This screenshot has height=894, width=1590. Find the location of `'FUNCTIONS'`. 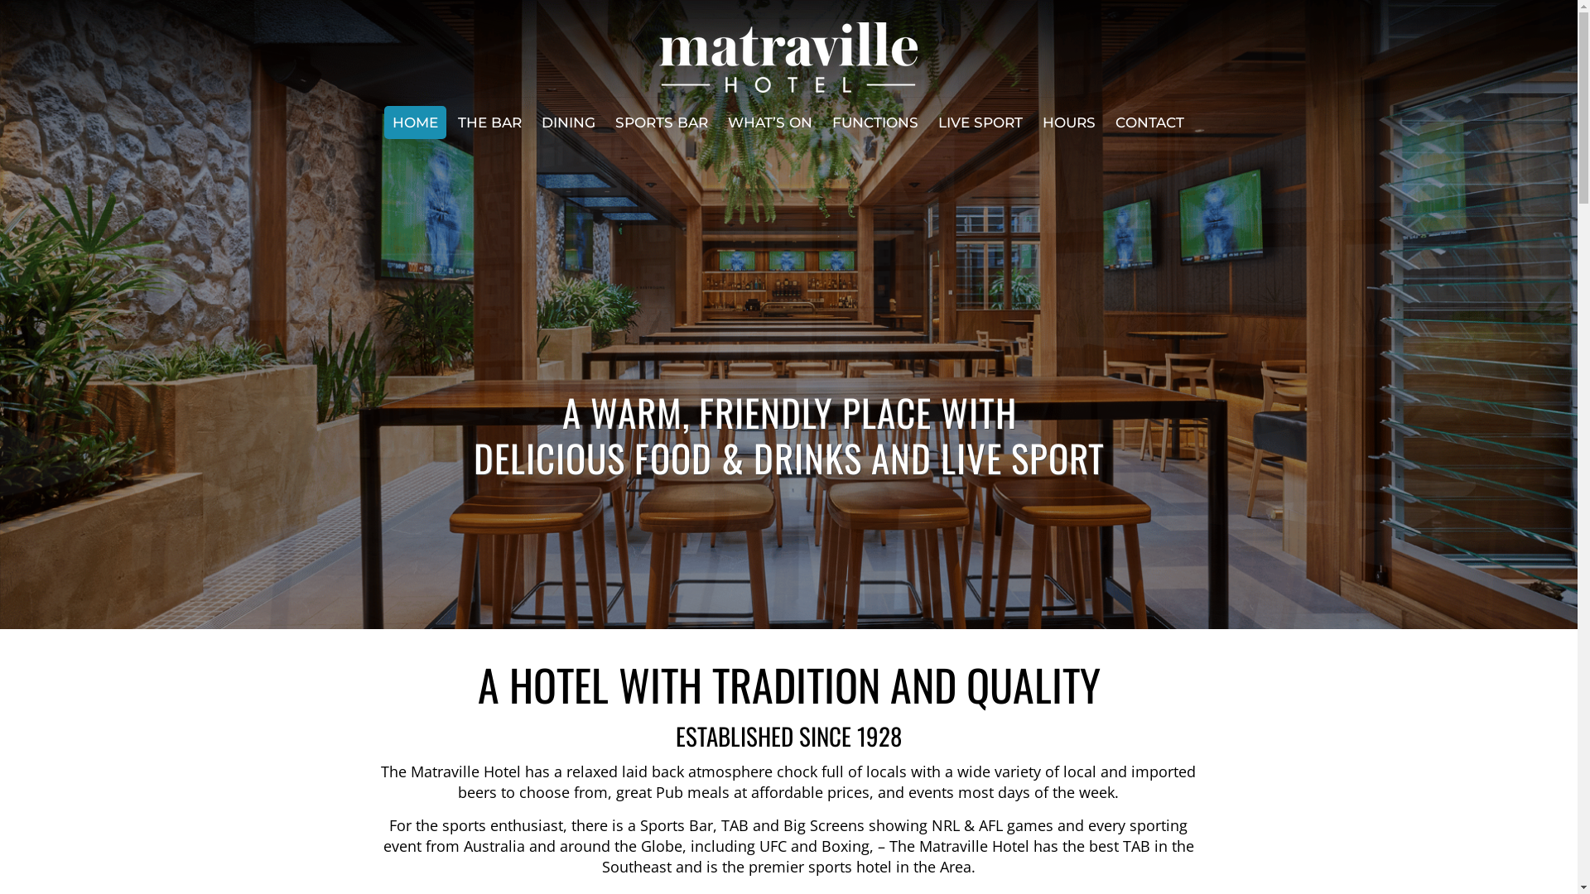

'FUNCTIONS' is located at coordinates (874, 121).